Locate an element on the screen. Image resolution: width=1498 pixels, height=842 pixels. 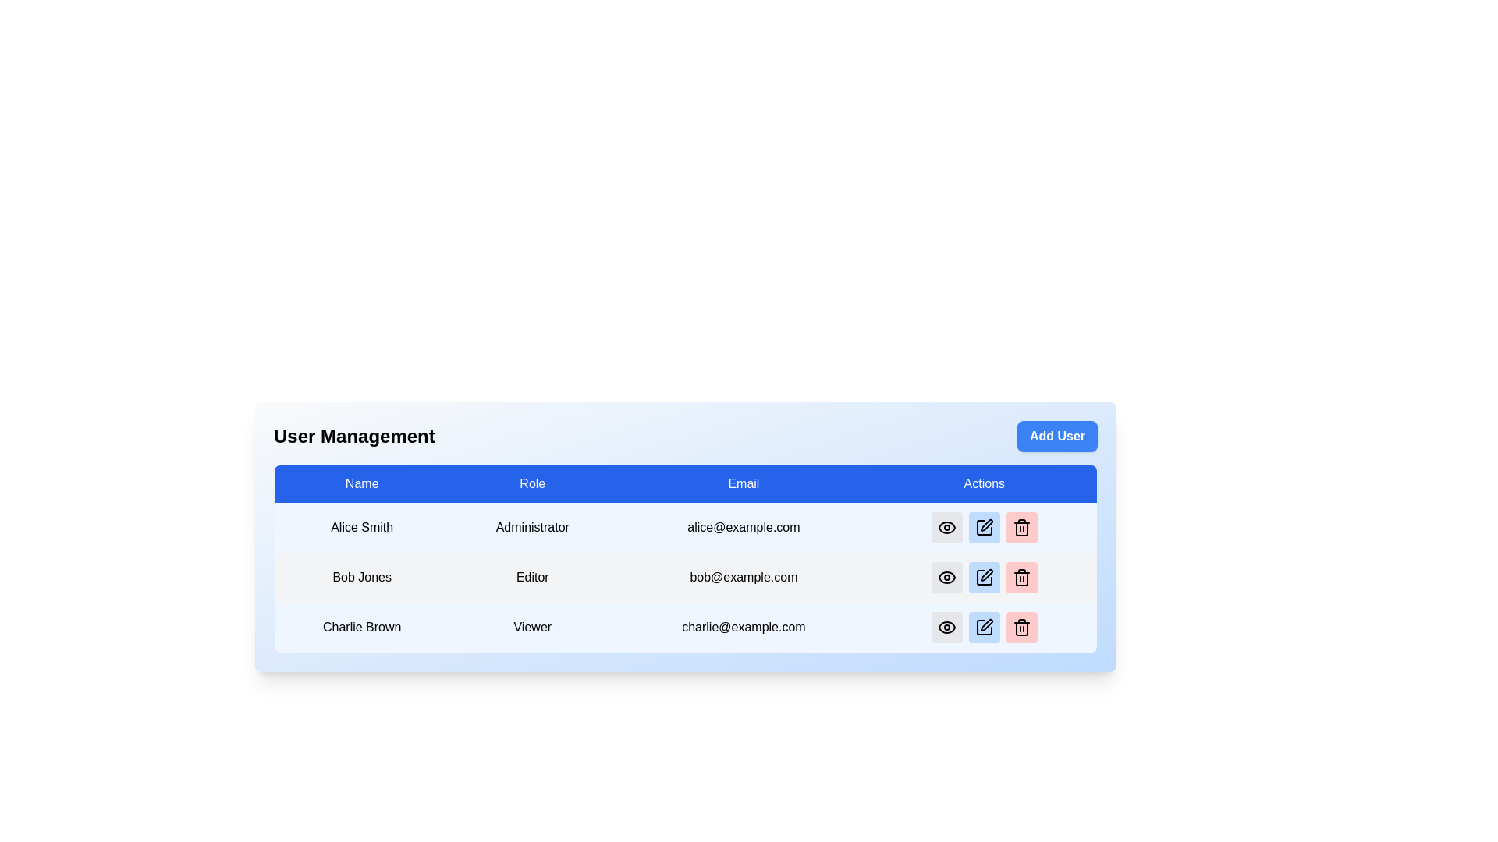
the static text element labeled 'Viewer' in the table under the 'Role' column, which is positioned in the third row corresponding to 'Charlie Brown' is located at coordinates (532, 627).